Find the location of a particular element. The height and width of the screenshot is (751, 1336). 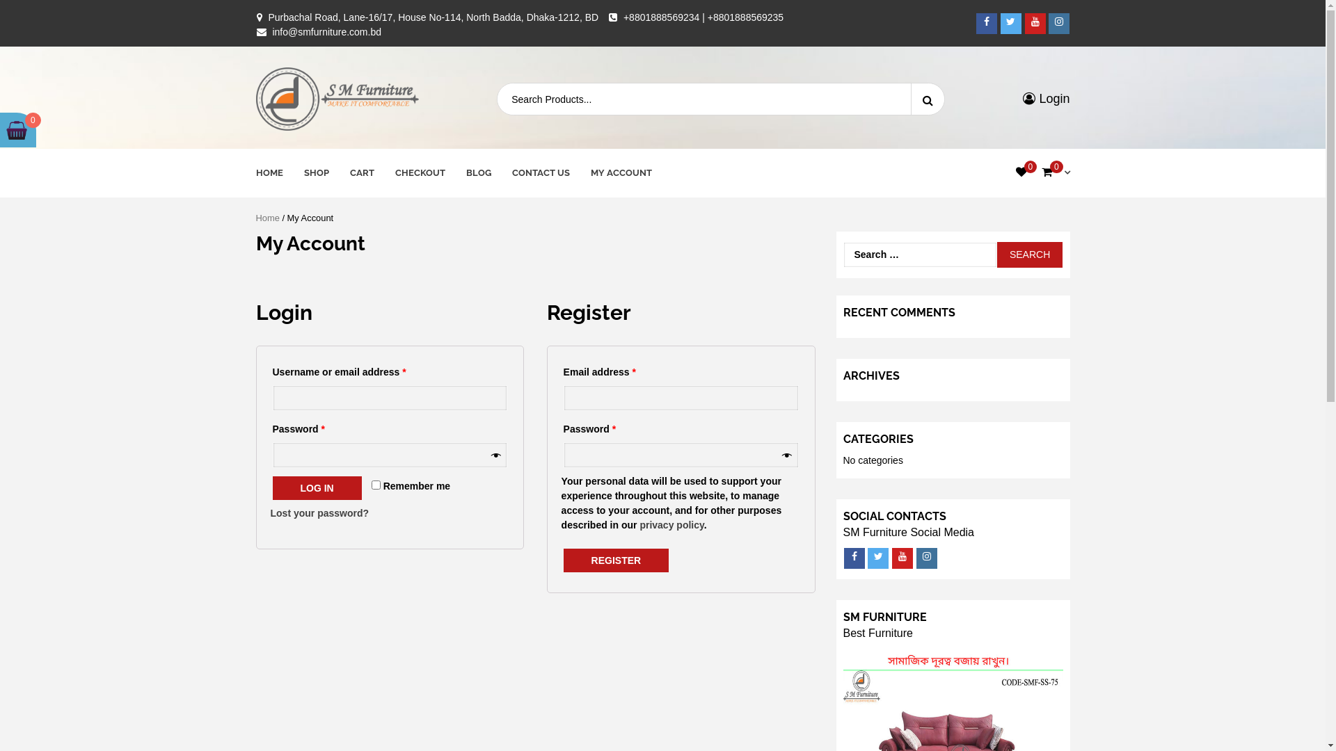

'MY ACCOUNT' is located at coordinates (620, 172).